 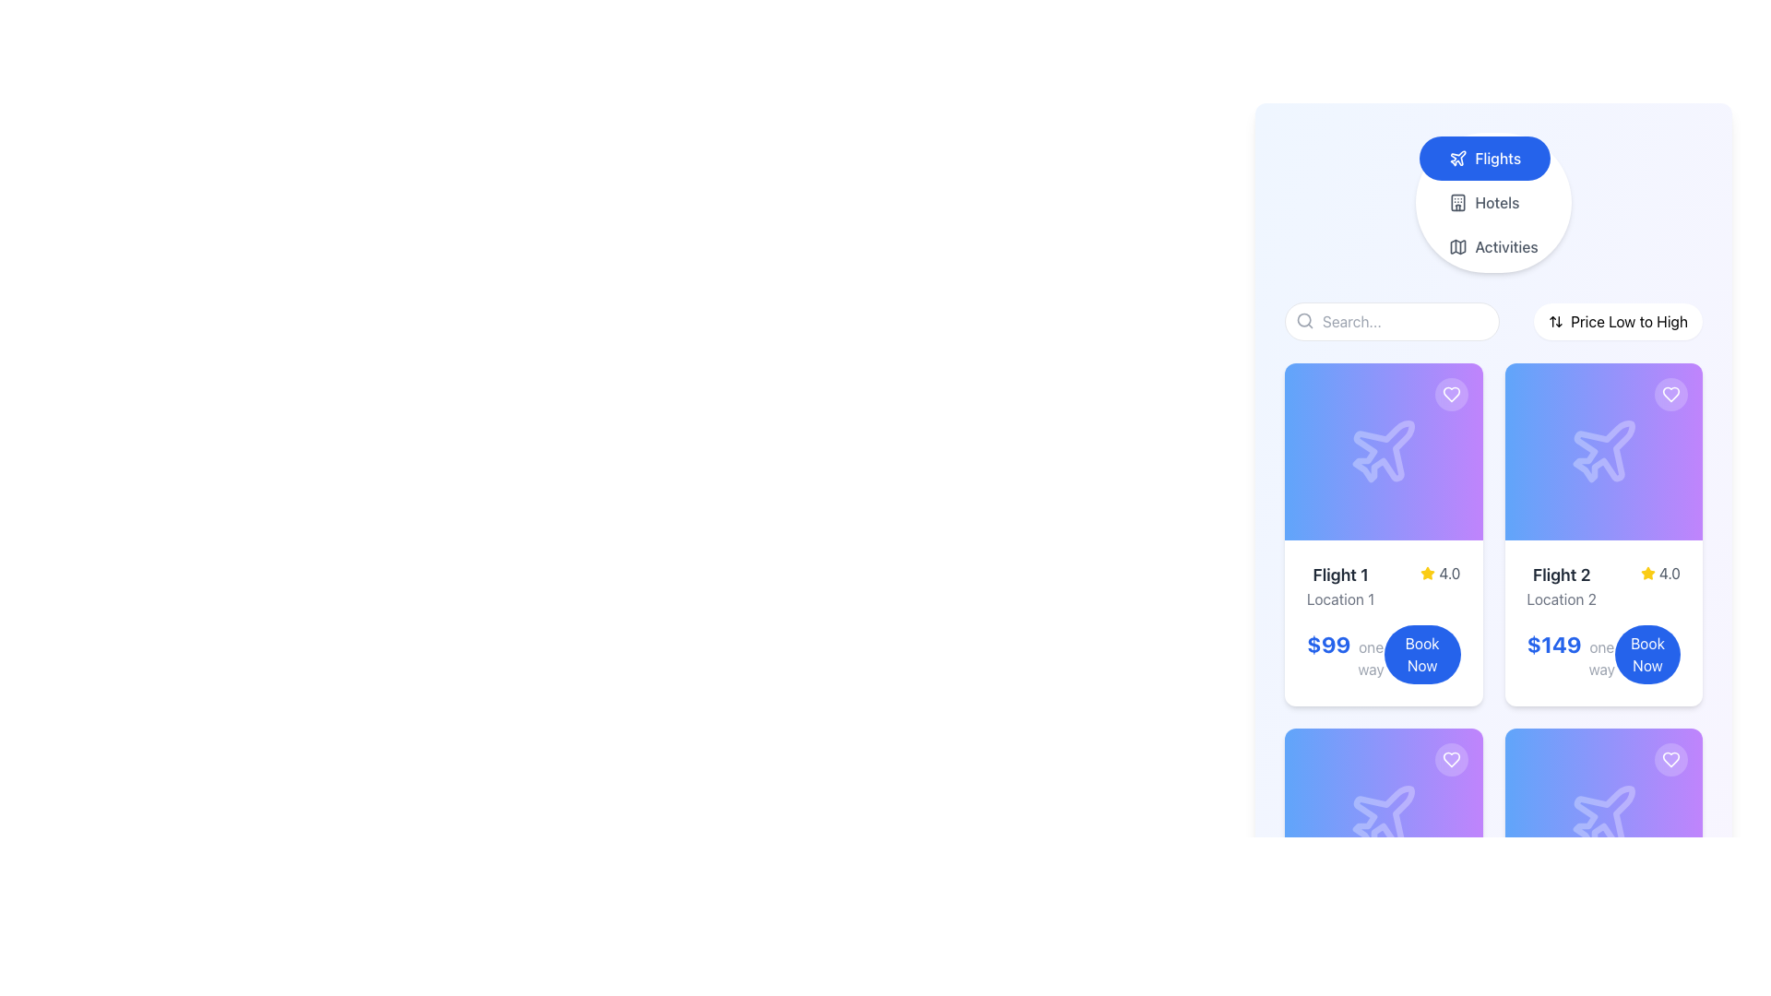 What do you see at coordinates (1384, 815) in the screenshot?
I see `the white airplane icon located` at bounding box center [1384, 815].